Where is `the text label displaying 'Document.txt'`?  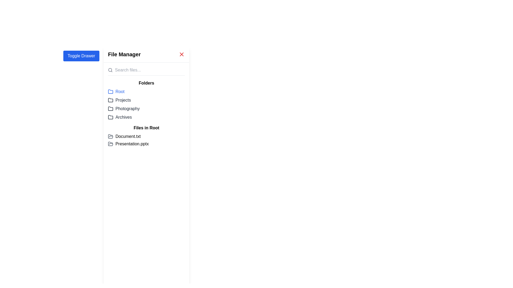 the text label displaying 'Document.txt' is located at coordinates (128, 136).